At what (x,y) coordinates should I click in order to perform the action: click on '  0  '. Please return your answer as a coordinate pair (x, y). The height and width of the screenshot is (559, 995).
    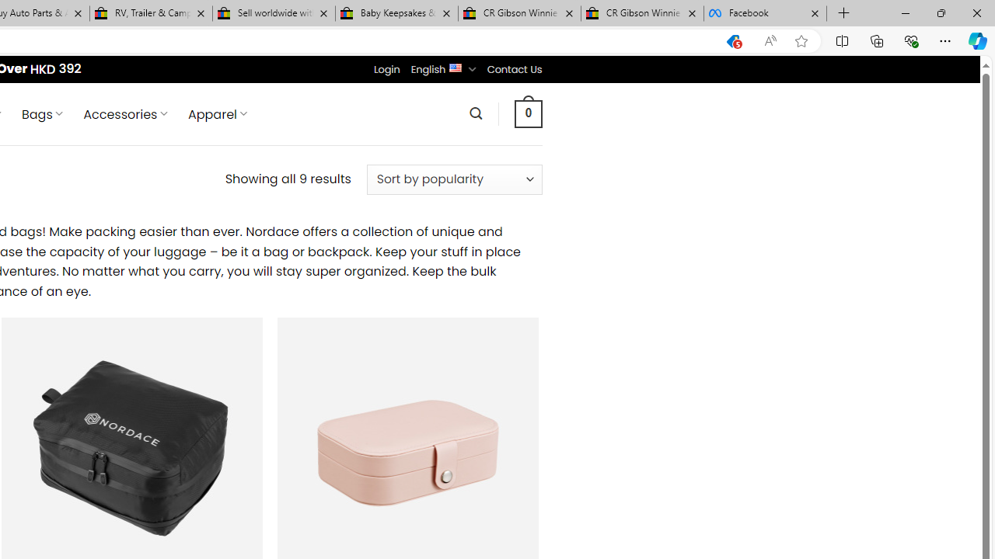
    Looking at the image, I should click on (528, 113).